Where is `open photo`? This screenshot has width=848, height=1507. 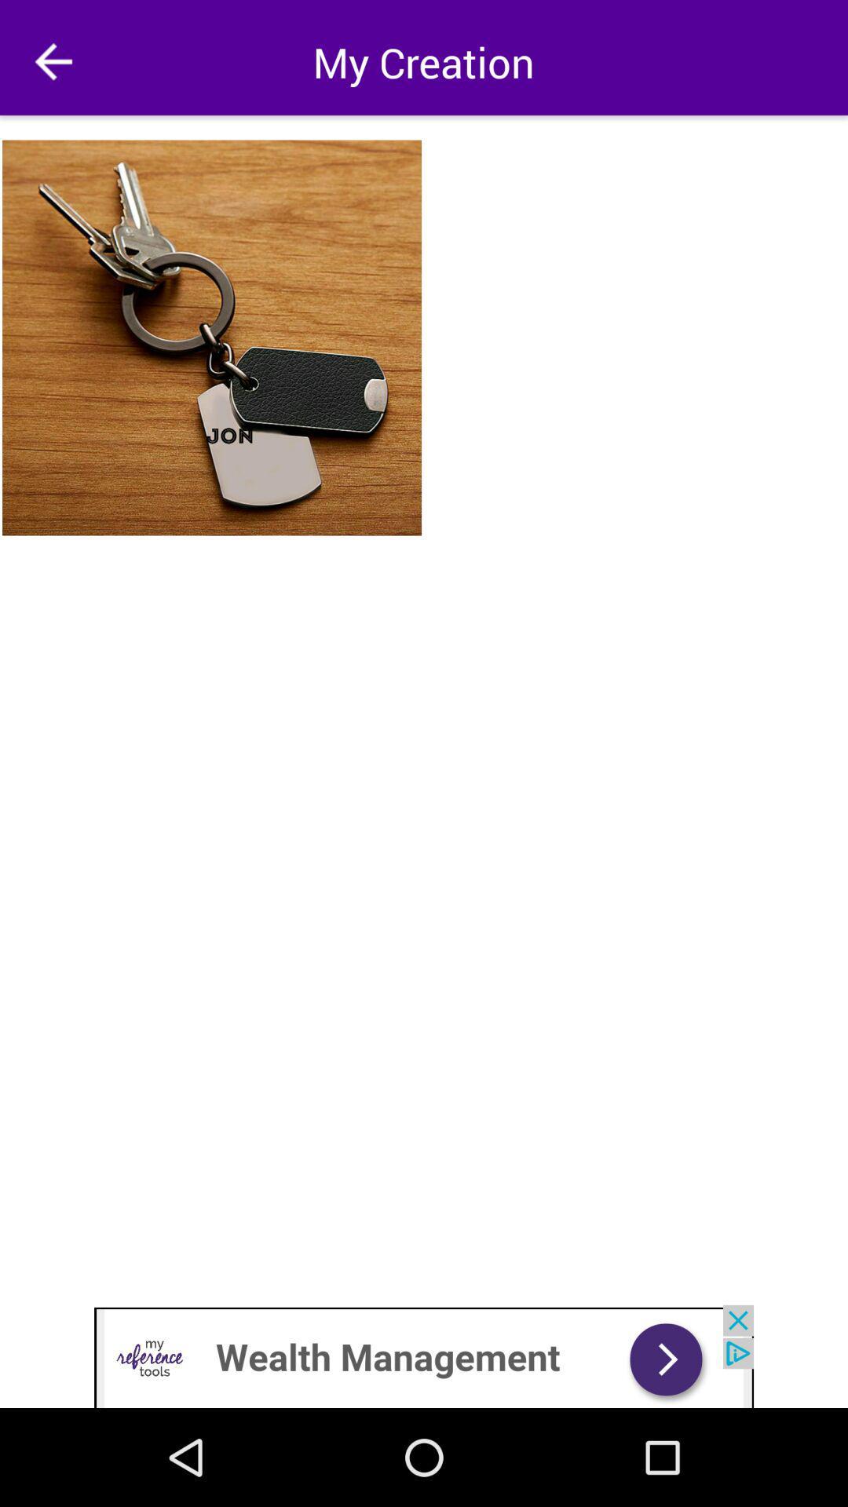
open photo is located at coordinates (213, 337).